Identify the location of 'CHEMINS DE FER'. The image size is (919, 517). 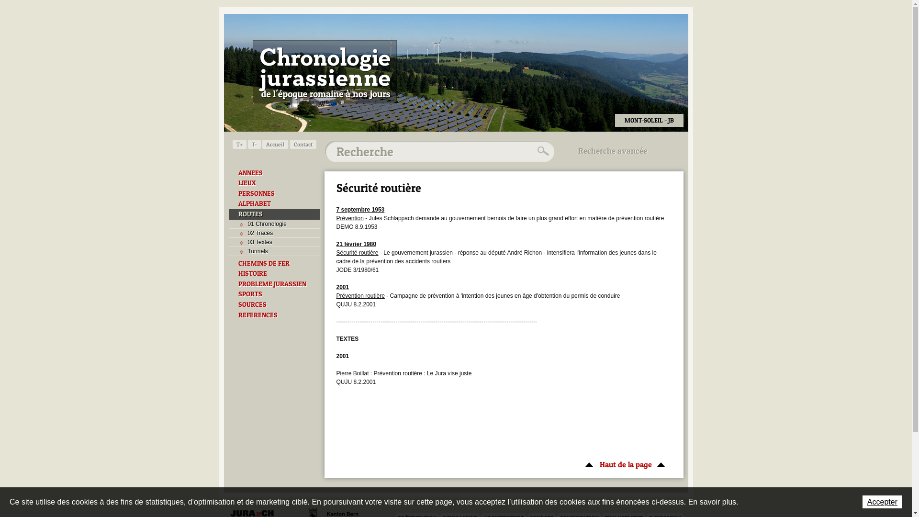
(273, 264).